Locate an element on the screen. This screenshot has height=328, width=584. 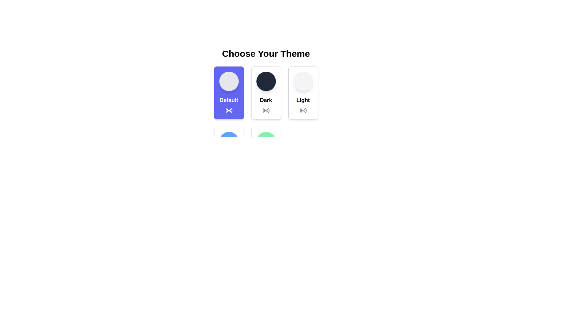
the selectable card labeled 'Dark' is located at coordinates (266, 93).